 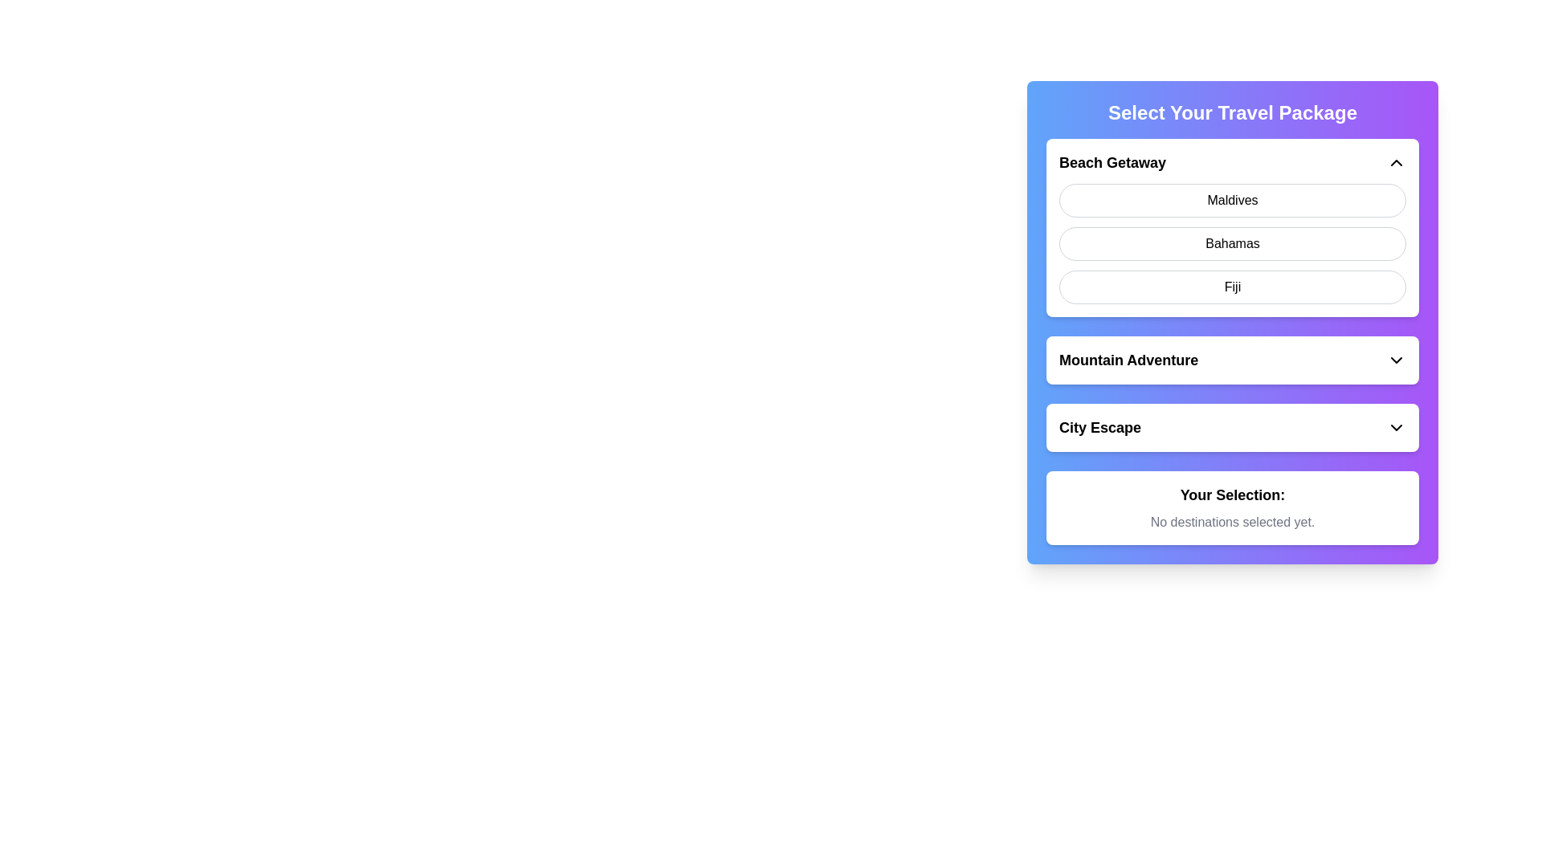 What do you see at coordinates (1232, 244) in the screenshot?
I see `the 'Bahamas' button-like selectable item, which is the second option in the 'Beach Getaway' category` at bounding box center [1232, 244].